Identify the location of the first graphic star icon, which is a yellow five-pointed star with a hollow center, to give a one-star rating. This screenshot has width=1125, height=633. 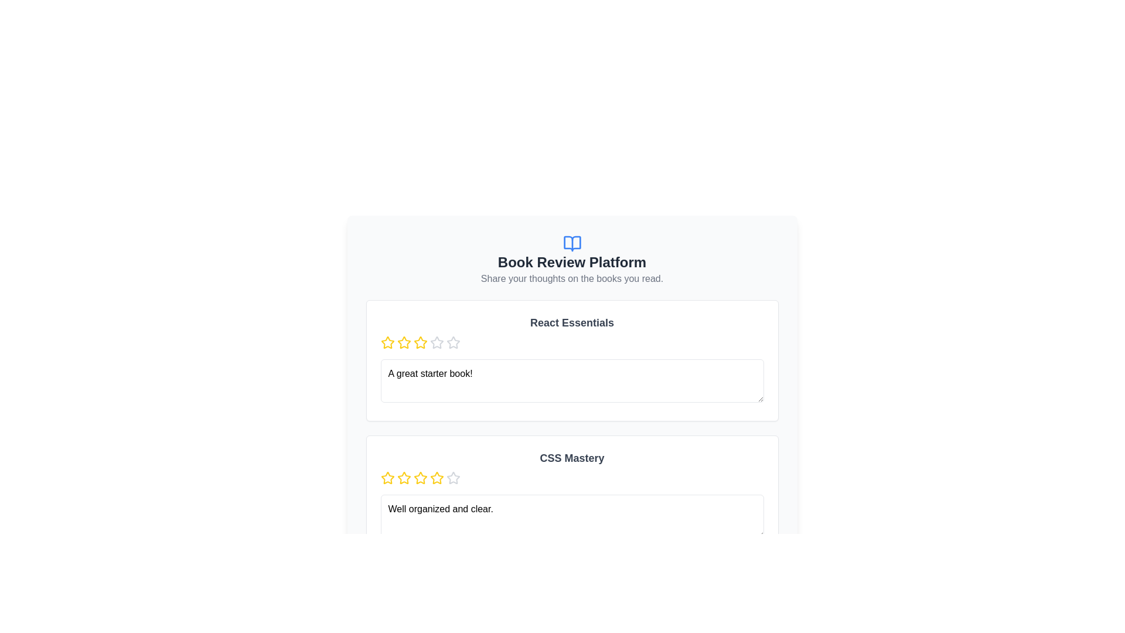
(387, 342).